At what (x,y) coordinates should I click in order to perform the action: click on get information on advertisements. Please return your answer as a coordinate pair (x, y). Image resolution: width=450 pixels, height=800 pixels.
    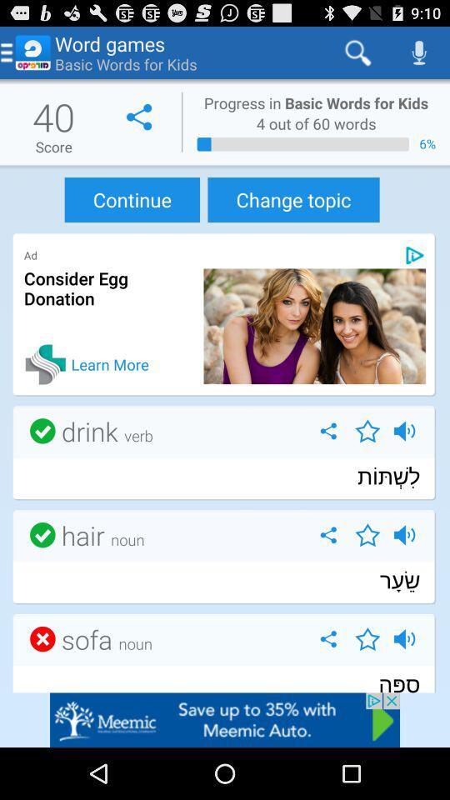
    Looking at the image, I should click on (413, 255).